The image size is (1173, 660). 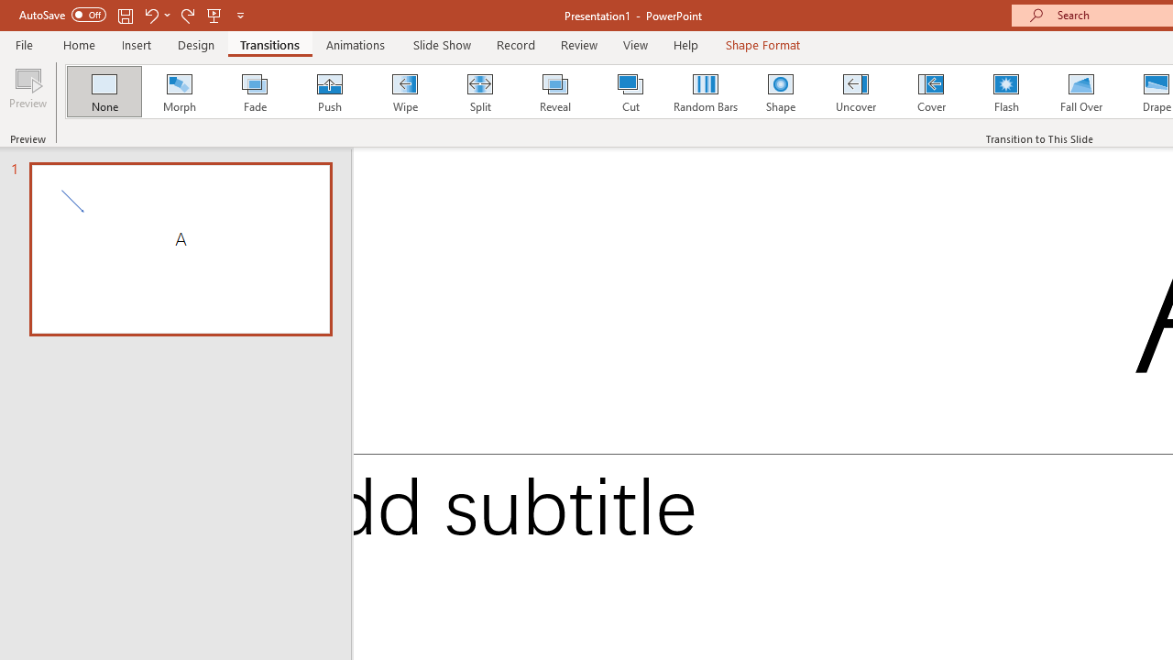 I want to click on 'Flash', so click(x=1005, y=92).